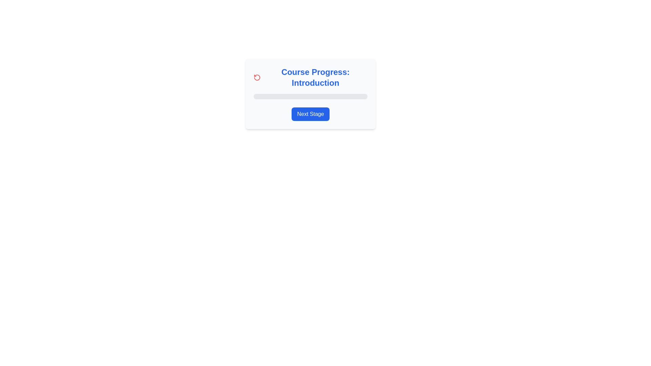 The width and height of the screenshot is (651, 366). I want to click on the Progress Bar that visually represents progress in a course, located below 'Course Progress: Introduction' and above the 'Next Stage' button, so click(310, 97).